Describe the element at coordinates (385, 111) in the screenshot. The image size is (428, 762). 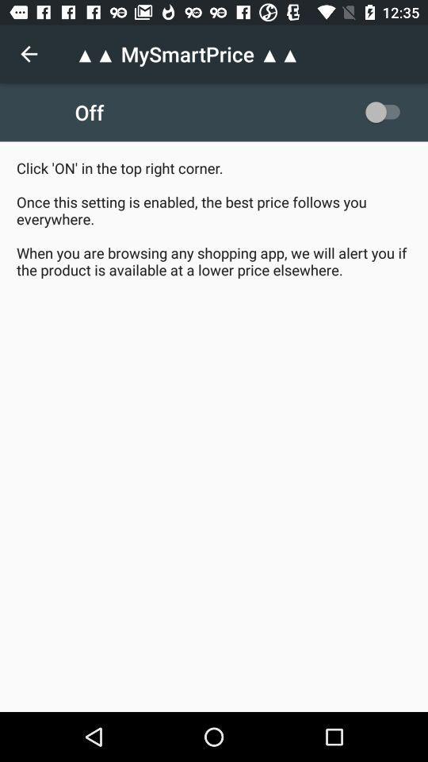
I see `the app above the click on in app` at that location.